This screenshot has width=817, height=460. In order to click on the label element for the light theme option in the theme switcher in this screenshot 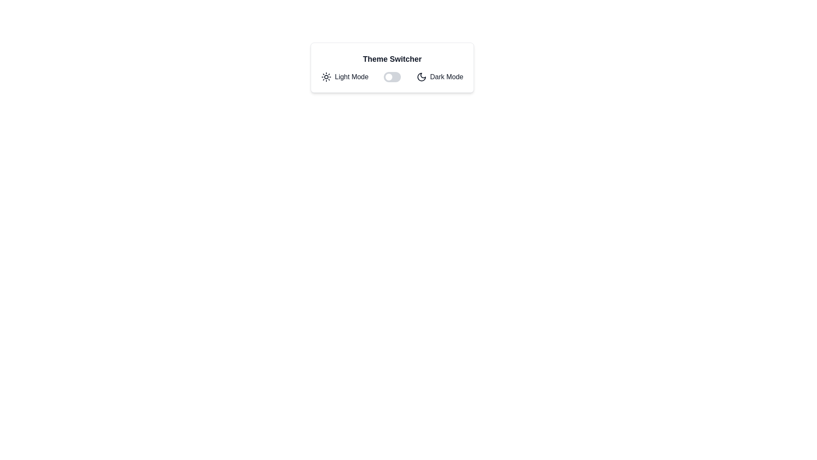, I will do `click(345, 77)`.